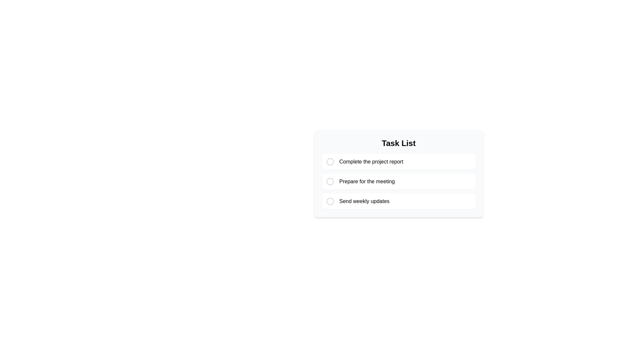 The height and width of the screenshot is (356, 634). I want to click on the third list item labeled 'Send weekly updates' in the task list to mark or select it, so click(398, 201).